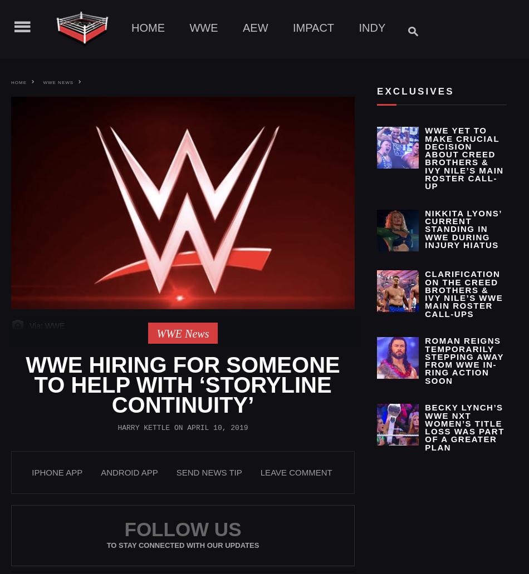  What do you see at coordinates (46, 325) in the screenshot?
I see `'Via: WWE'` at bounding box center [46, 325].